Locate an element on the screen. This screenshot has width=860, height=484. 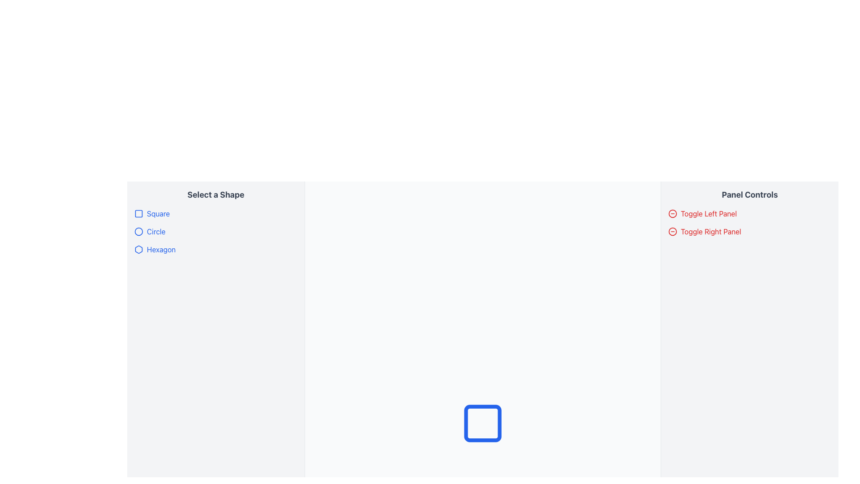
the 'Toggle Left Panel' button with a red icon is located at coordinates (702, 214).